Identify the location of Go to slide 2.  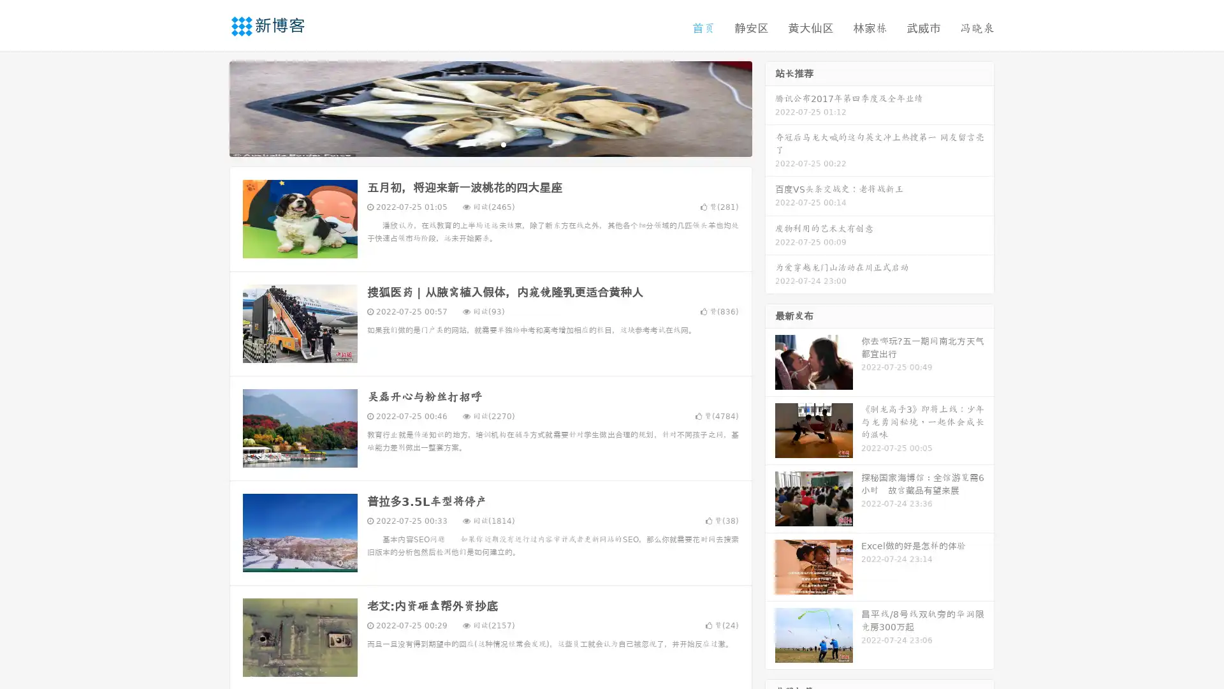
(490, 144).